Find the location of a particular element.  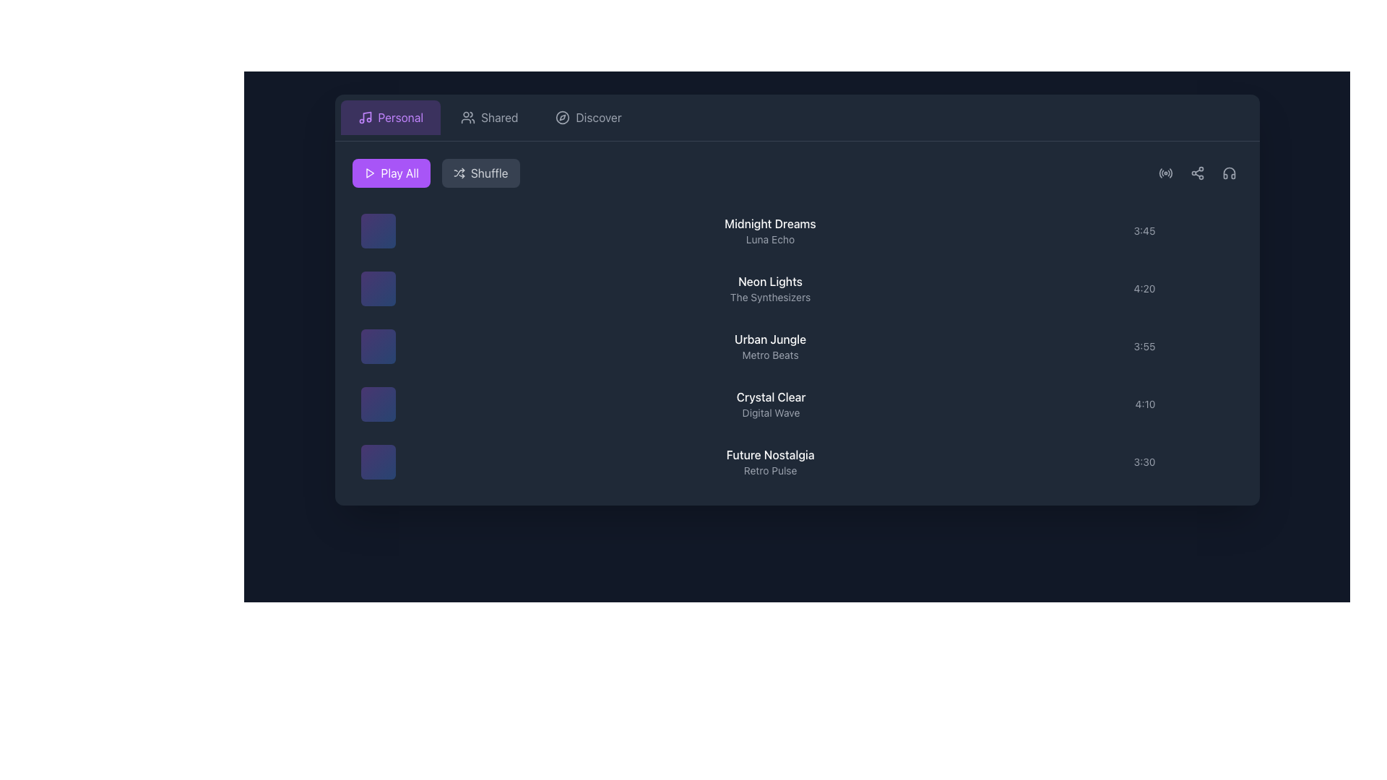

the small circular button with three vertically aligned dots located to the right of the timestamp '4:10' is located at coordinates (1225, 404).